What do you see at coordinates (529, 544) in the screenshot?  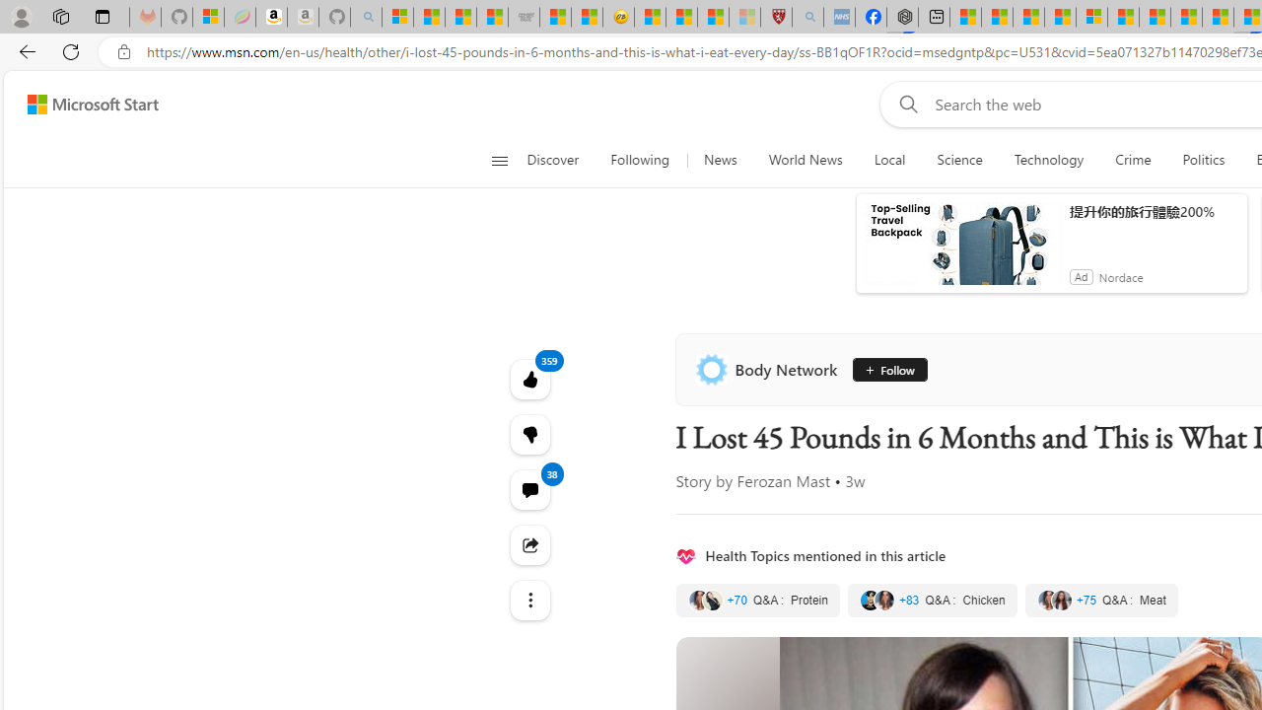 I see `'Share this story'` at bounding box center [529, 544].